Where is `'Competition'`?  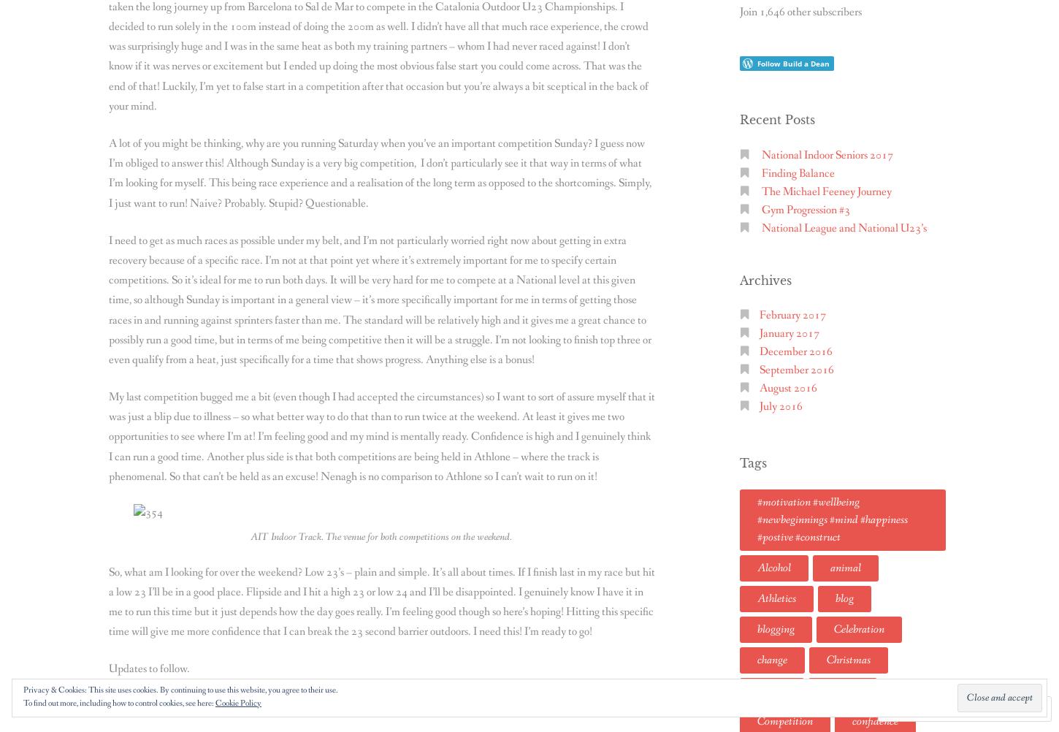 'Competition' is located at coordinates (757, 720).